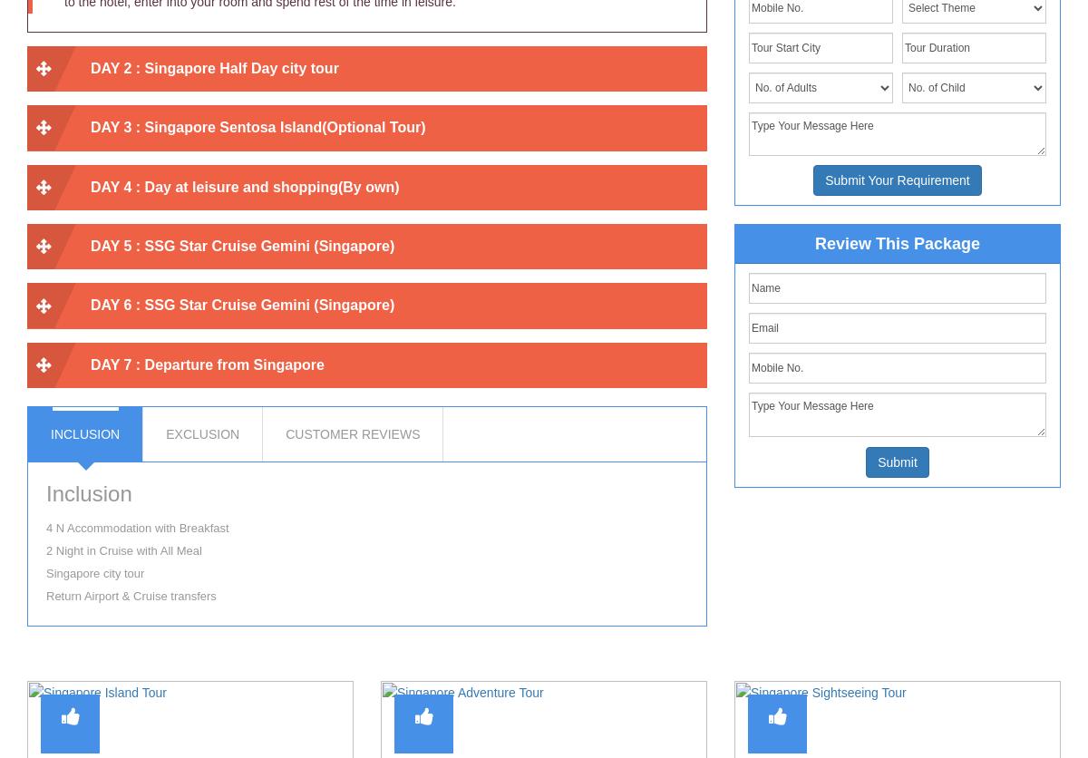 This screenshot has width=1088, height=758. I want to click on 'DAY 7 : Departure from Singapore', so click(206, 363).